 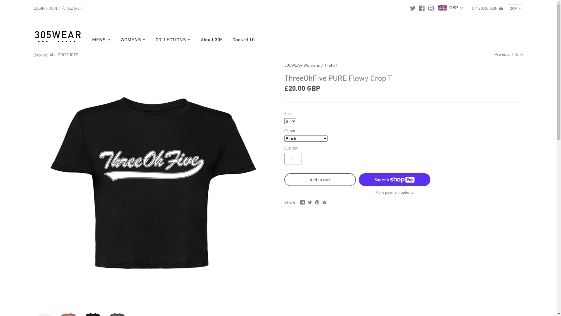 I want to click on 'Twitter', so click(x=309, y=201).